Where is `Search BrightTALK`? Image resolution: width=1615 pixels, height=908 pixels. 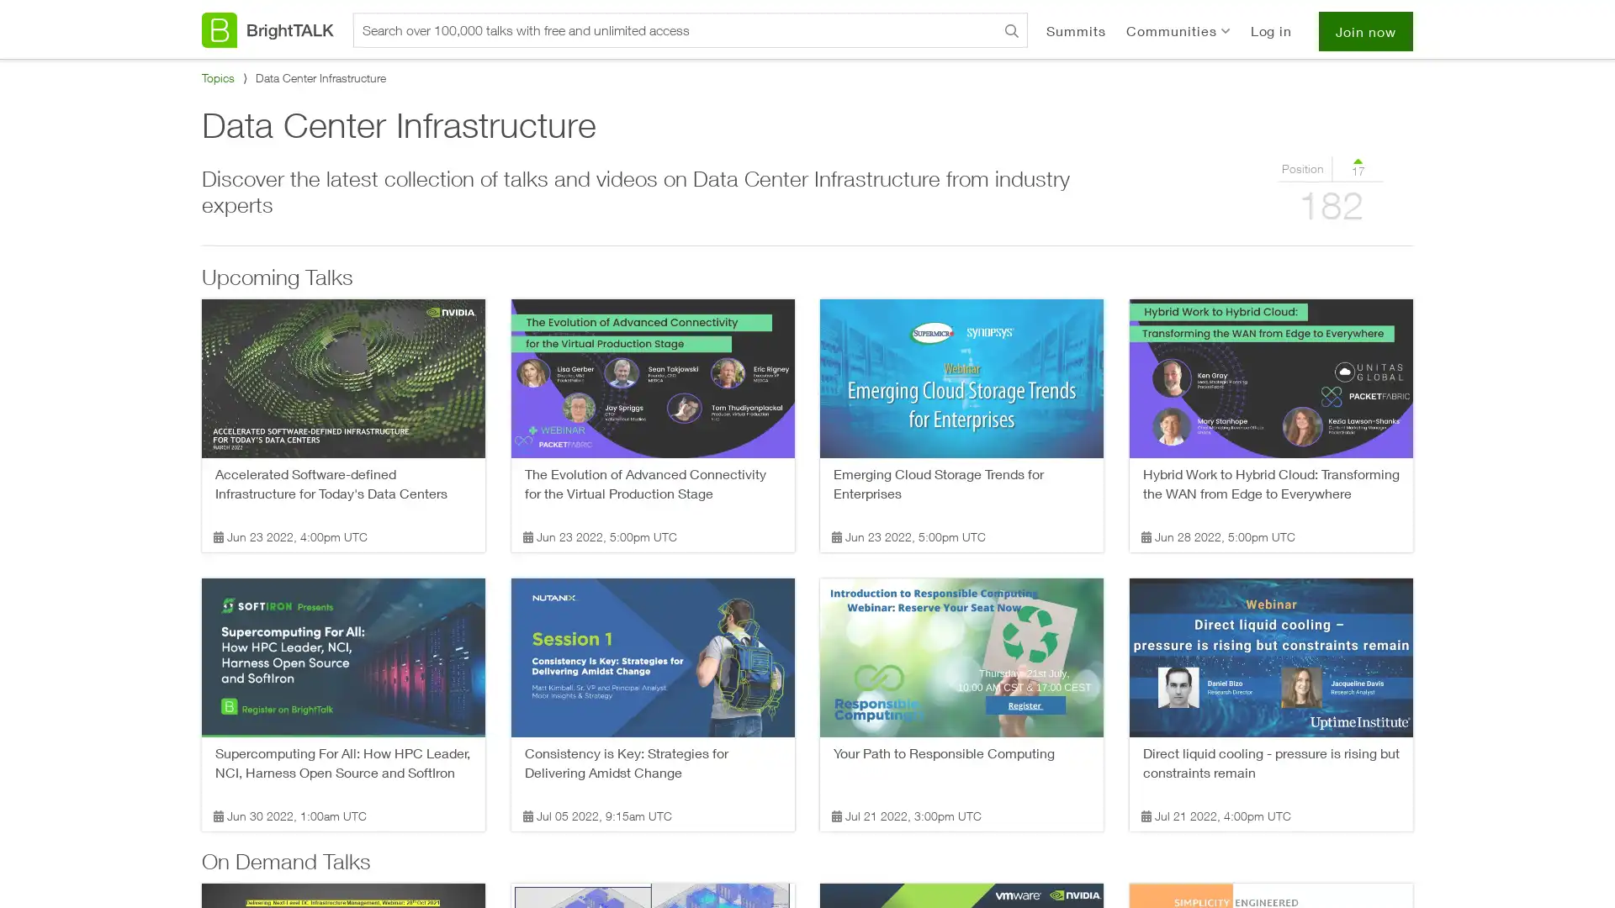 Search BrightTALK is located at coordinates (1011, 32).